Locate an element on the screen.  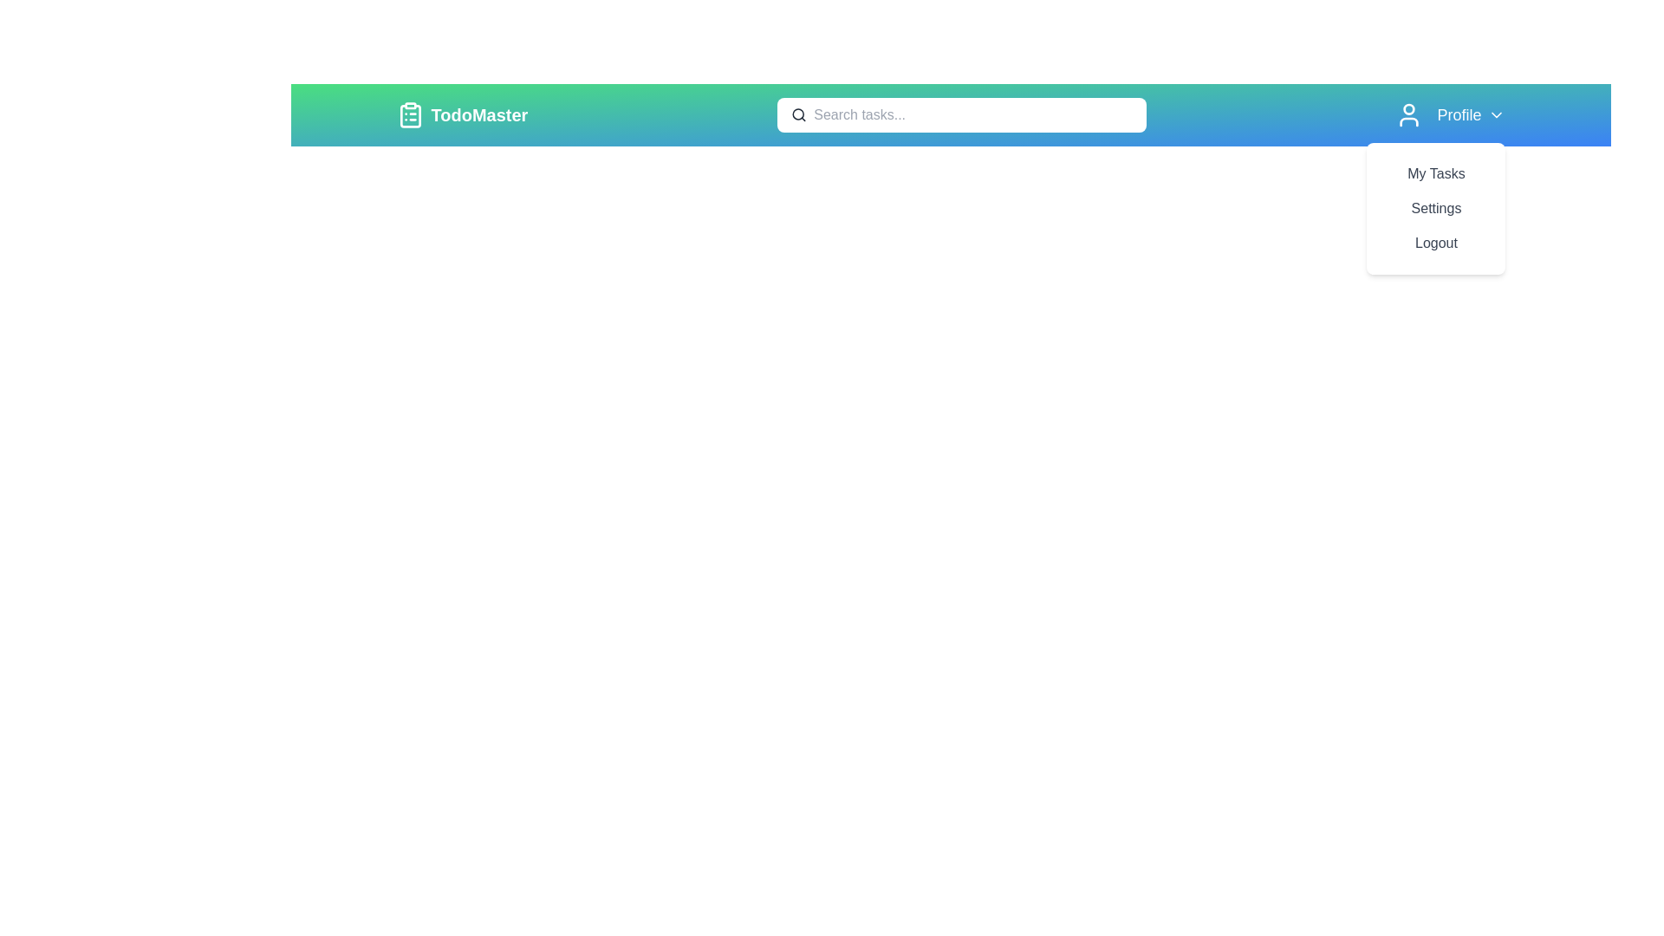
the 'TodoMaster' text label in the top navigation bar, which features a bold, large white font against a gradient green and blue background is located at coordinates (479, 114).